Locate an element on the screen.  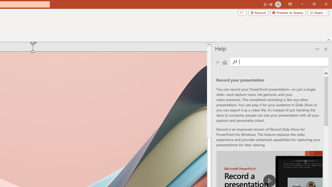
'Previous page' is located at coordinates (218, 62).